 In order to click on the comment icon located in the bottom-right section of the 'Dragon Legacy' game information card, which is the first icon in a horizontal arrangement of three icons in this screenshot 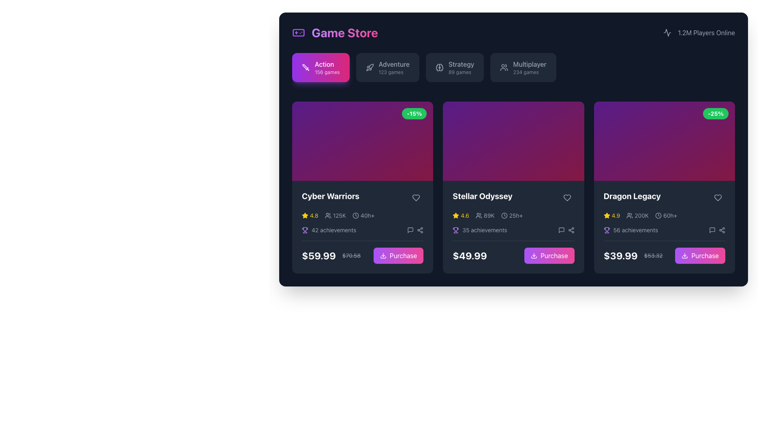, I will do `click(712, 229)`.